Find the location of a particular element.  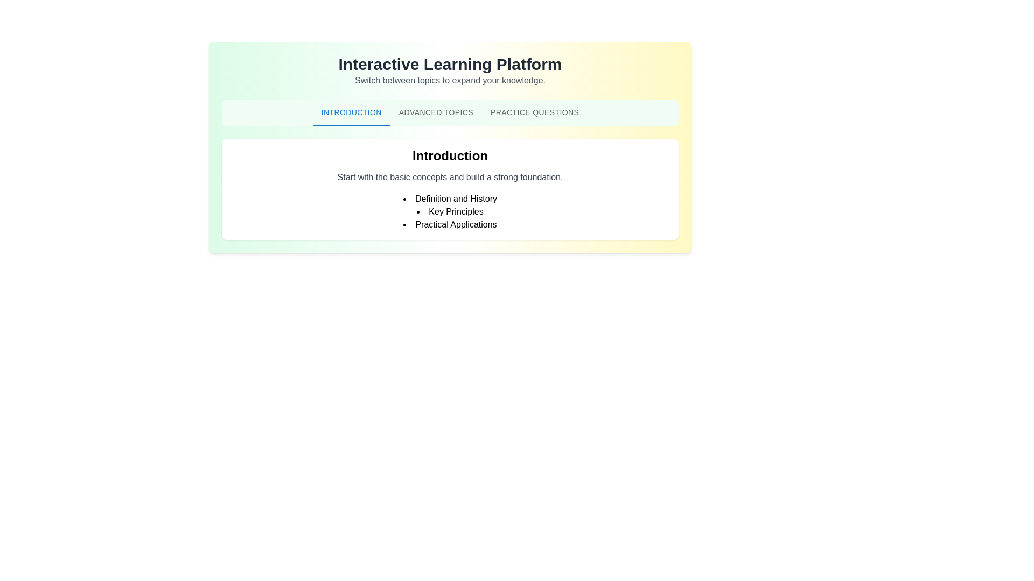

the prominent Text Label element displaying 'Introduction', which is styled in bold with a larger font size, positioned above descriptive text and a bulleted list is located at coordinates (450, 155).